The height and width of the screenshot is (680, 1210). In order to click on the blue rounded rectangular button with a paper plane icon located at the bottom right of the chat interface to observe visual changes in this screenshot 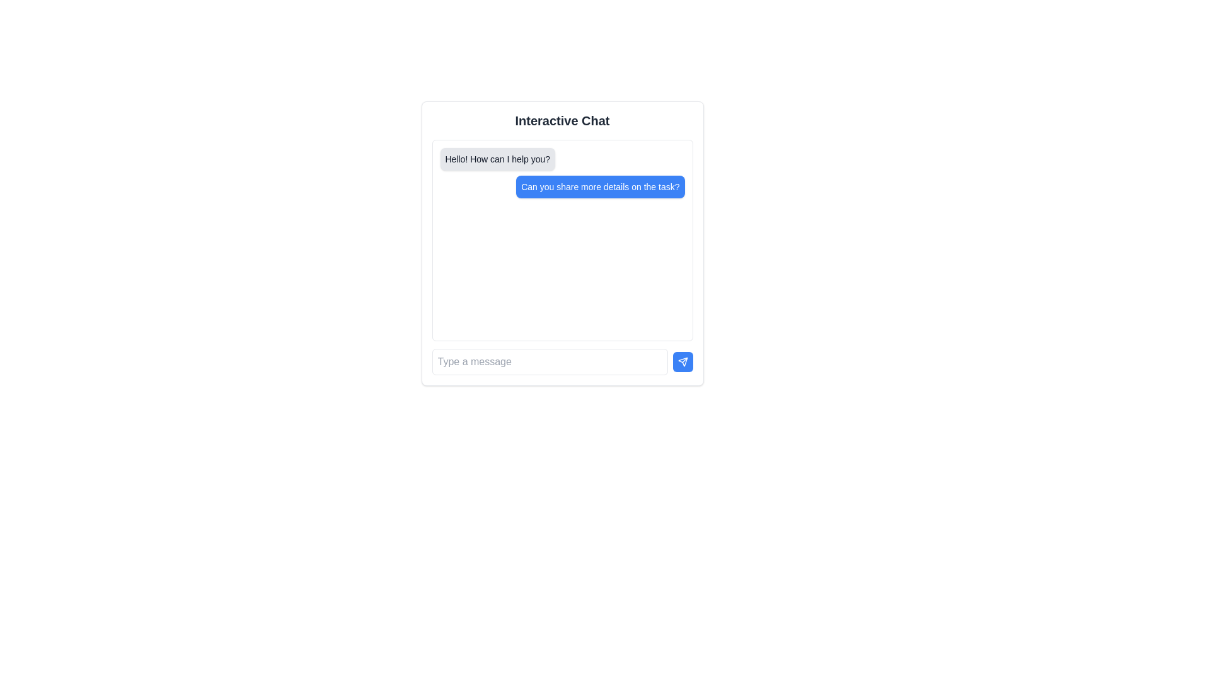, I will do `click(682, 361)`.